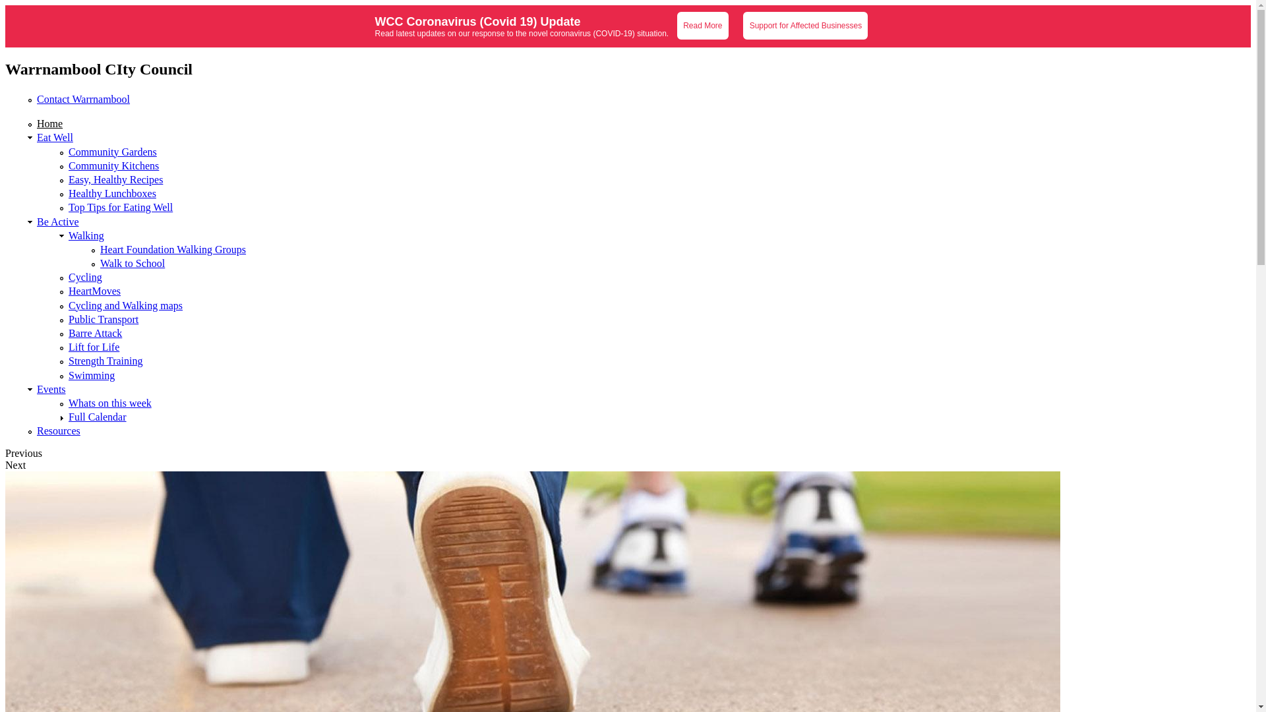  I want to click on 'Community Gardens', so click(113, 151).